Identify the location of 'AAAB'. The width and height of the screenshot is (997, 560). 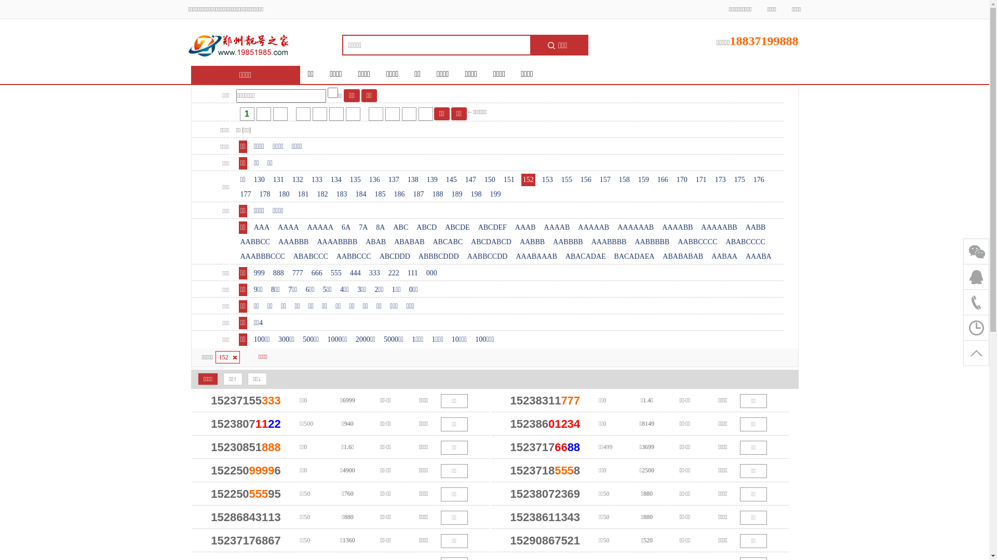
(526, 227).